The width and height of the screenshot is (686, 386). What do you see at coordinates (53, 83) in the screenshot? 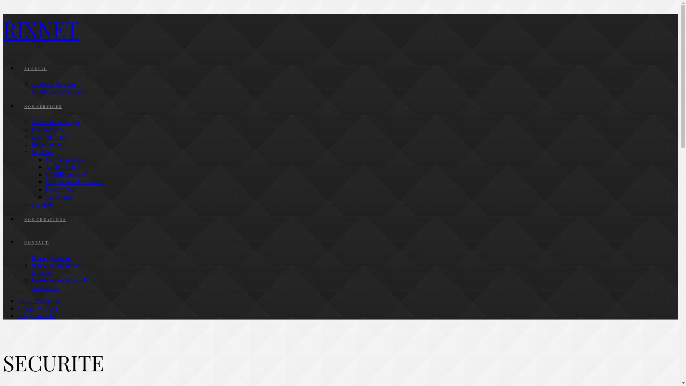
I see `'A propos de nous'` at bounding box center [53, 83].